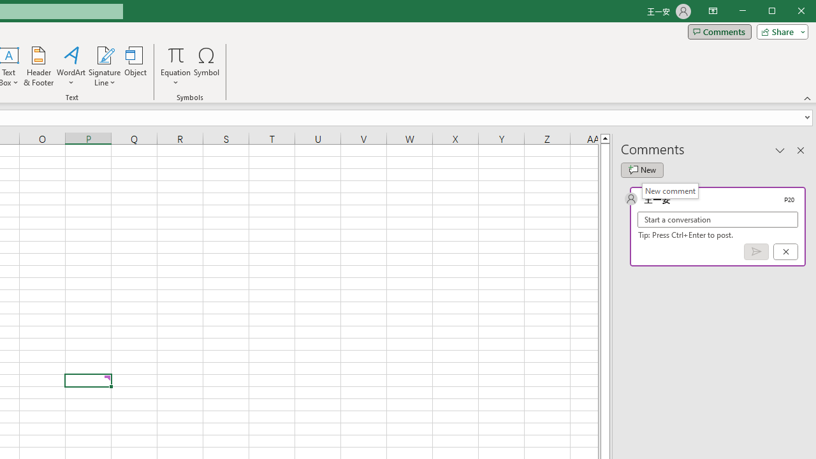  What do you see at coordinates (175, 66) in the screenshot?
I see `'Equation'` at bounding box center [175, 66].